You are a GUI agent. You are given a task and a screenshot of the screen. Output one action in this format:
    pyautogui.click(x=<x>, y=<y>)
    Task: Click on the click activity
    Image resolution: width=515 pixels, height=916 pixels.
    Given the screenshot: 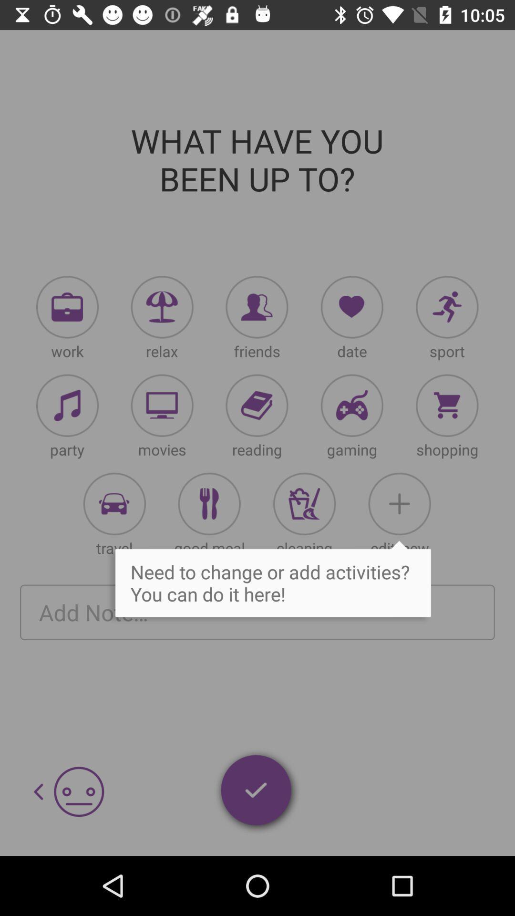 What is the action you would take?
    pyautogui.click(x=67, y=406)
    